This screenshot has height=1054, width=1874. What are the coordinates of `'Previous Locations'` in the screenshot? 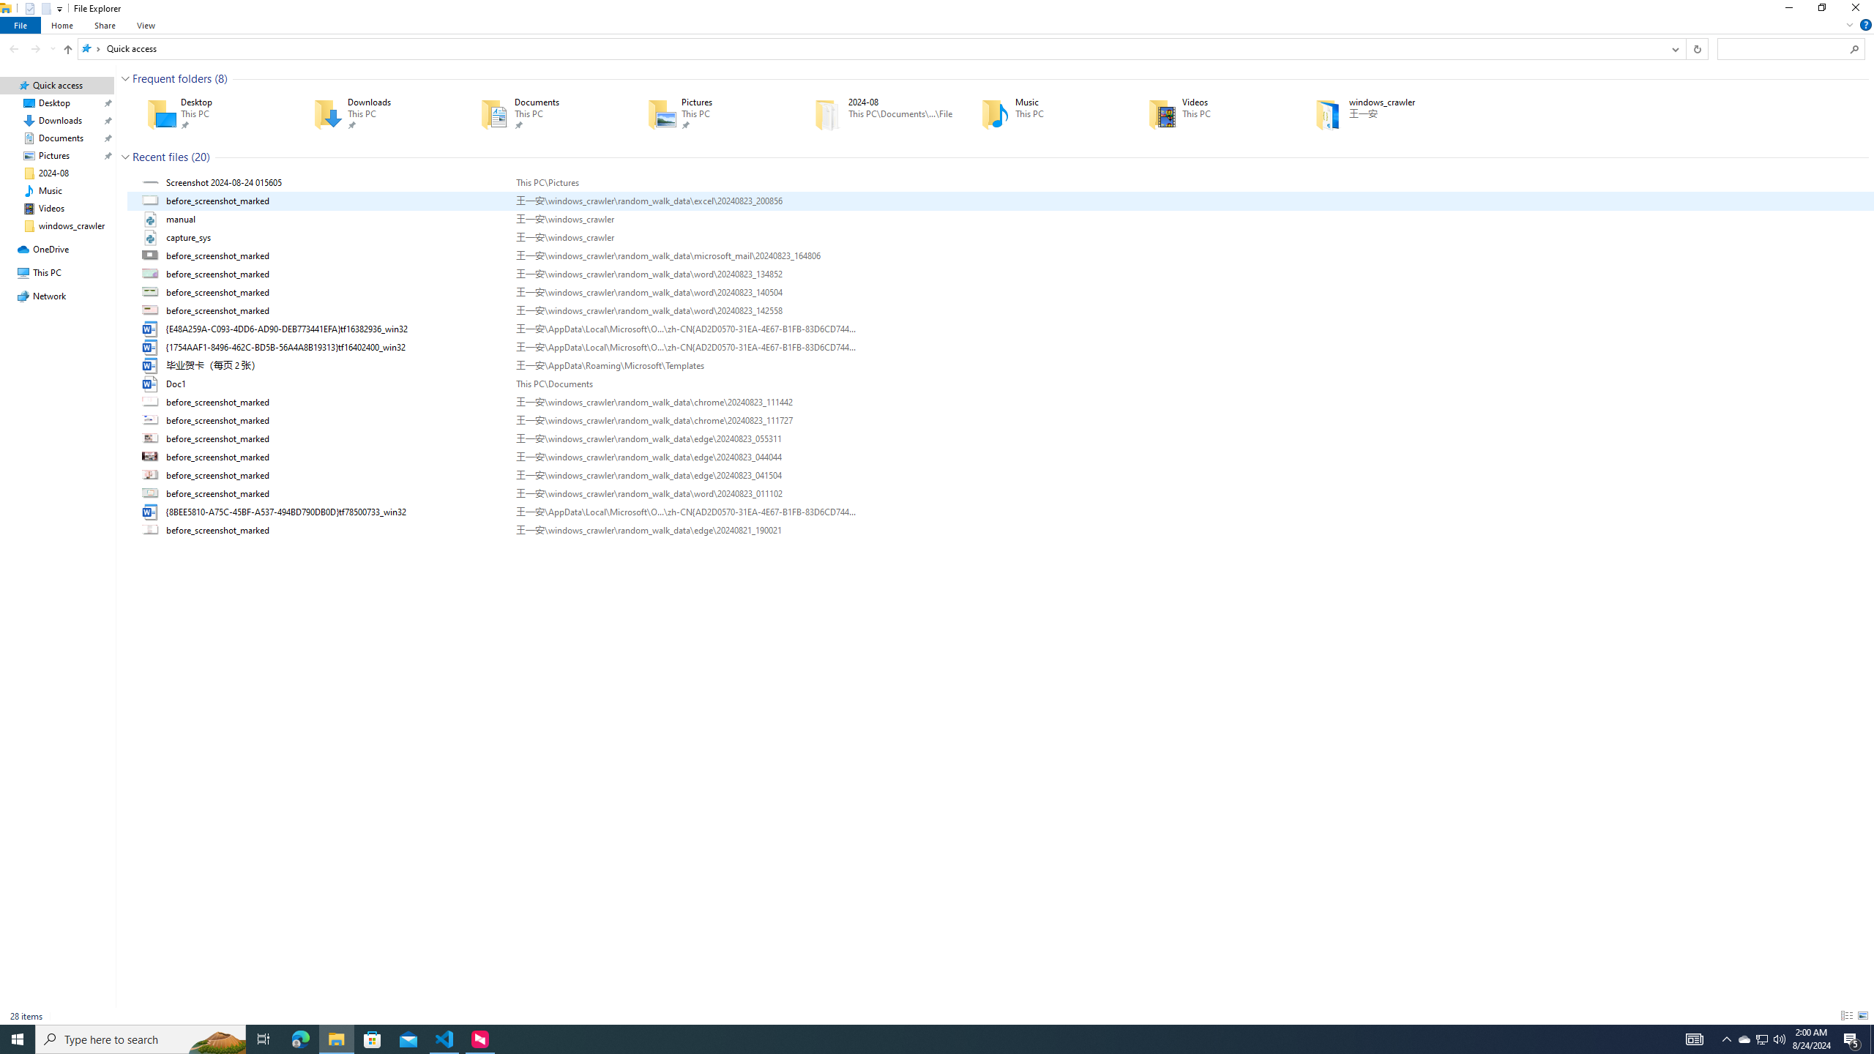 It's located at (1674, 48).